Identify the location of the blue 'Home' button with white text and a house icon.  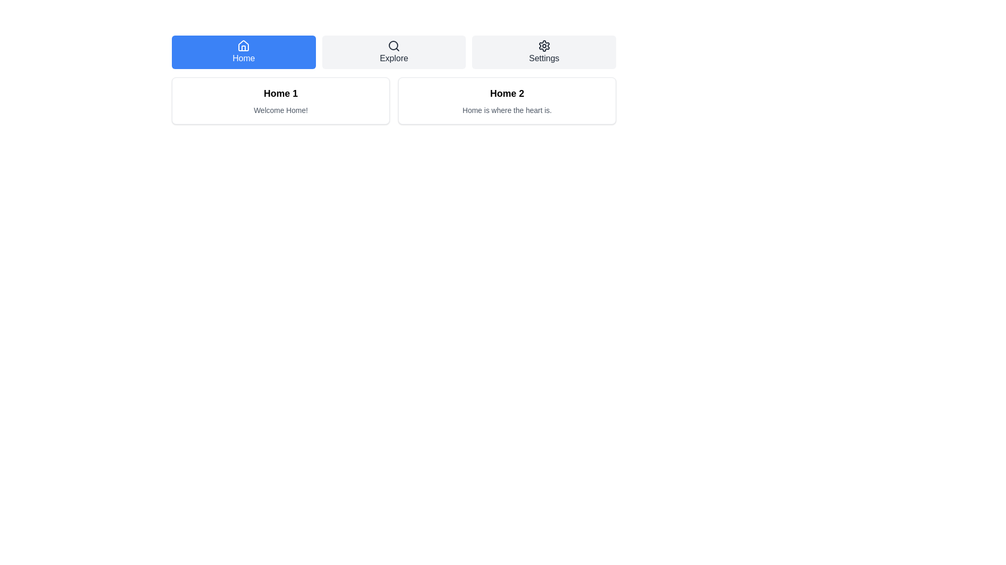
(243, 52).